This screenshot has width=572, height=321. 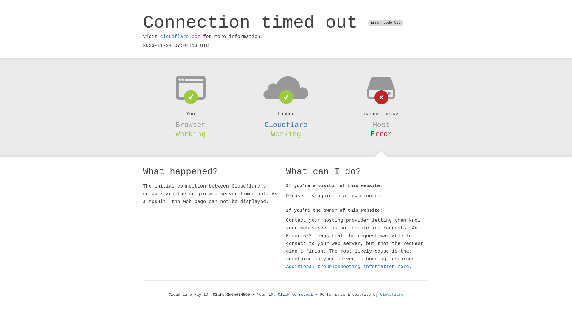 What do you see at coordinates (180, 37) in the screenshot?
I see `'cloudflare.com'` at bounding box center [180, 37].